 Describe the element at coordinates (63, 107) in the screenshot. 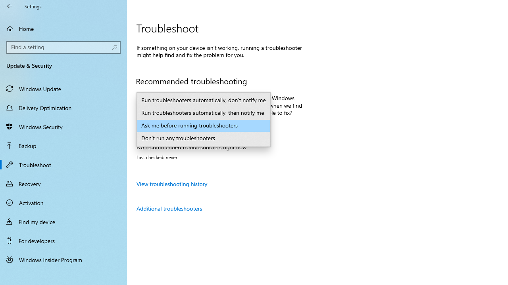

I see `'Delivery Optimization'` at that location.